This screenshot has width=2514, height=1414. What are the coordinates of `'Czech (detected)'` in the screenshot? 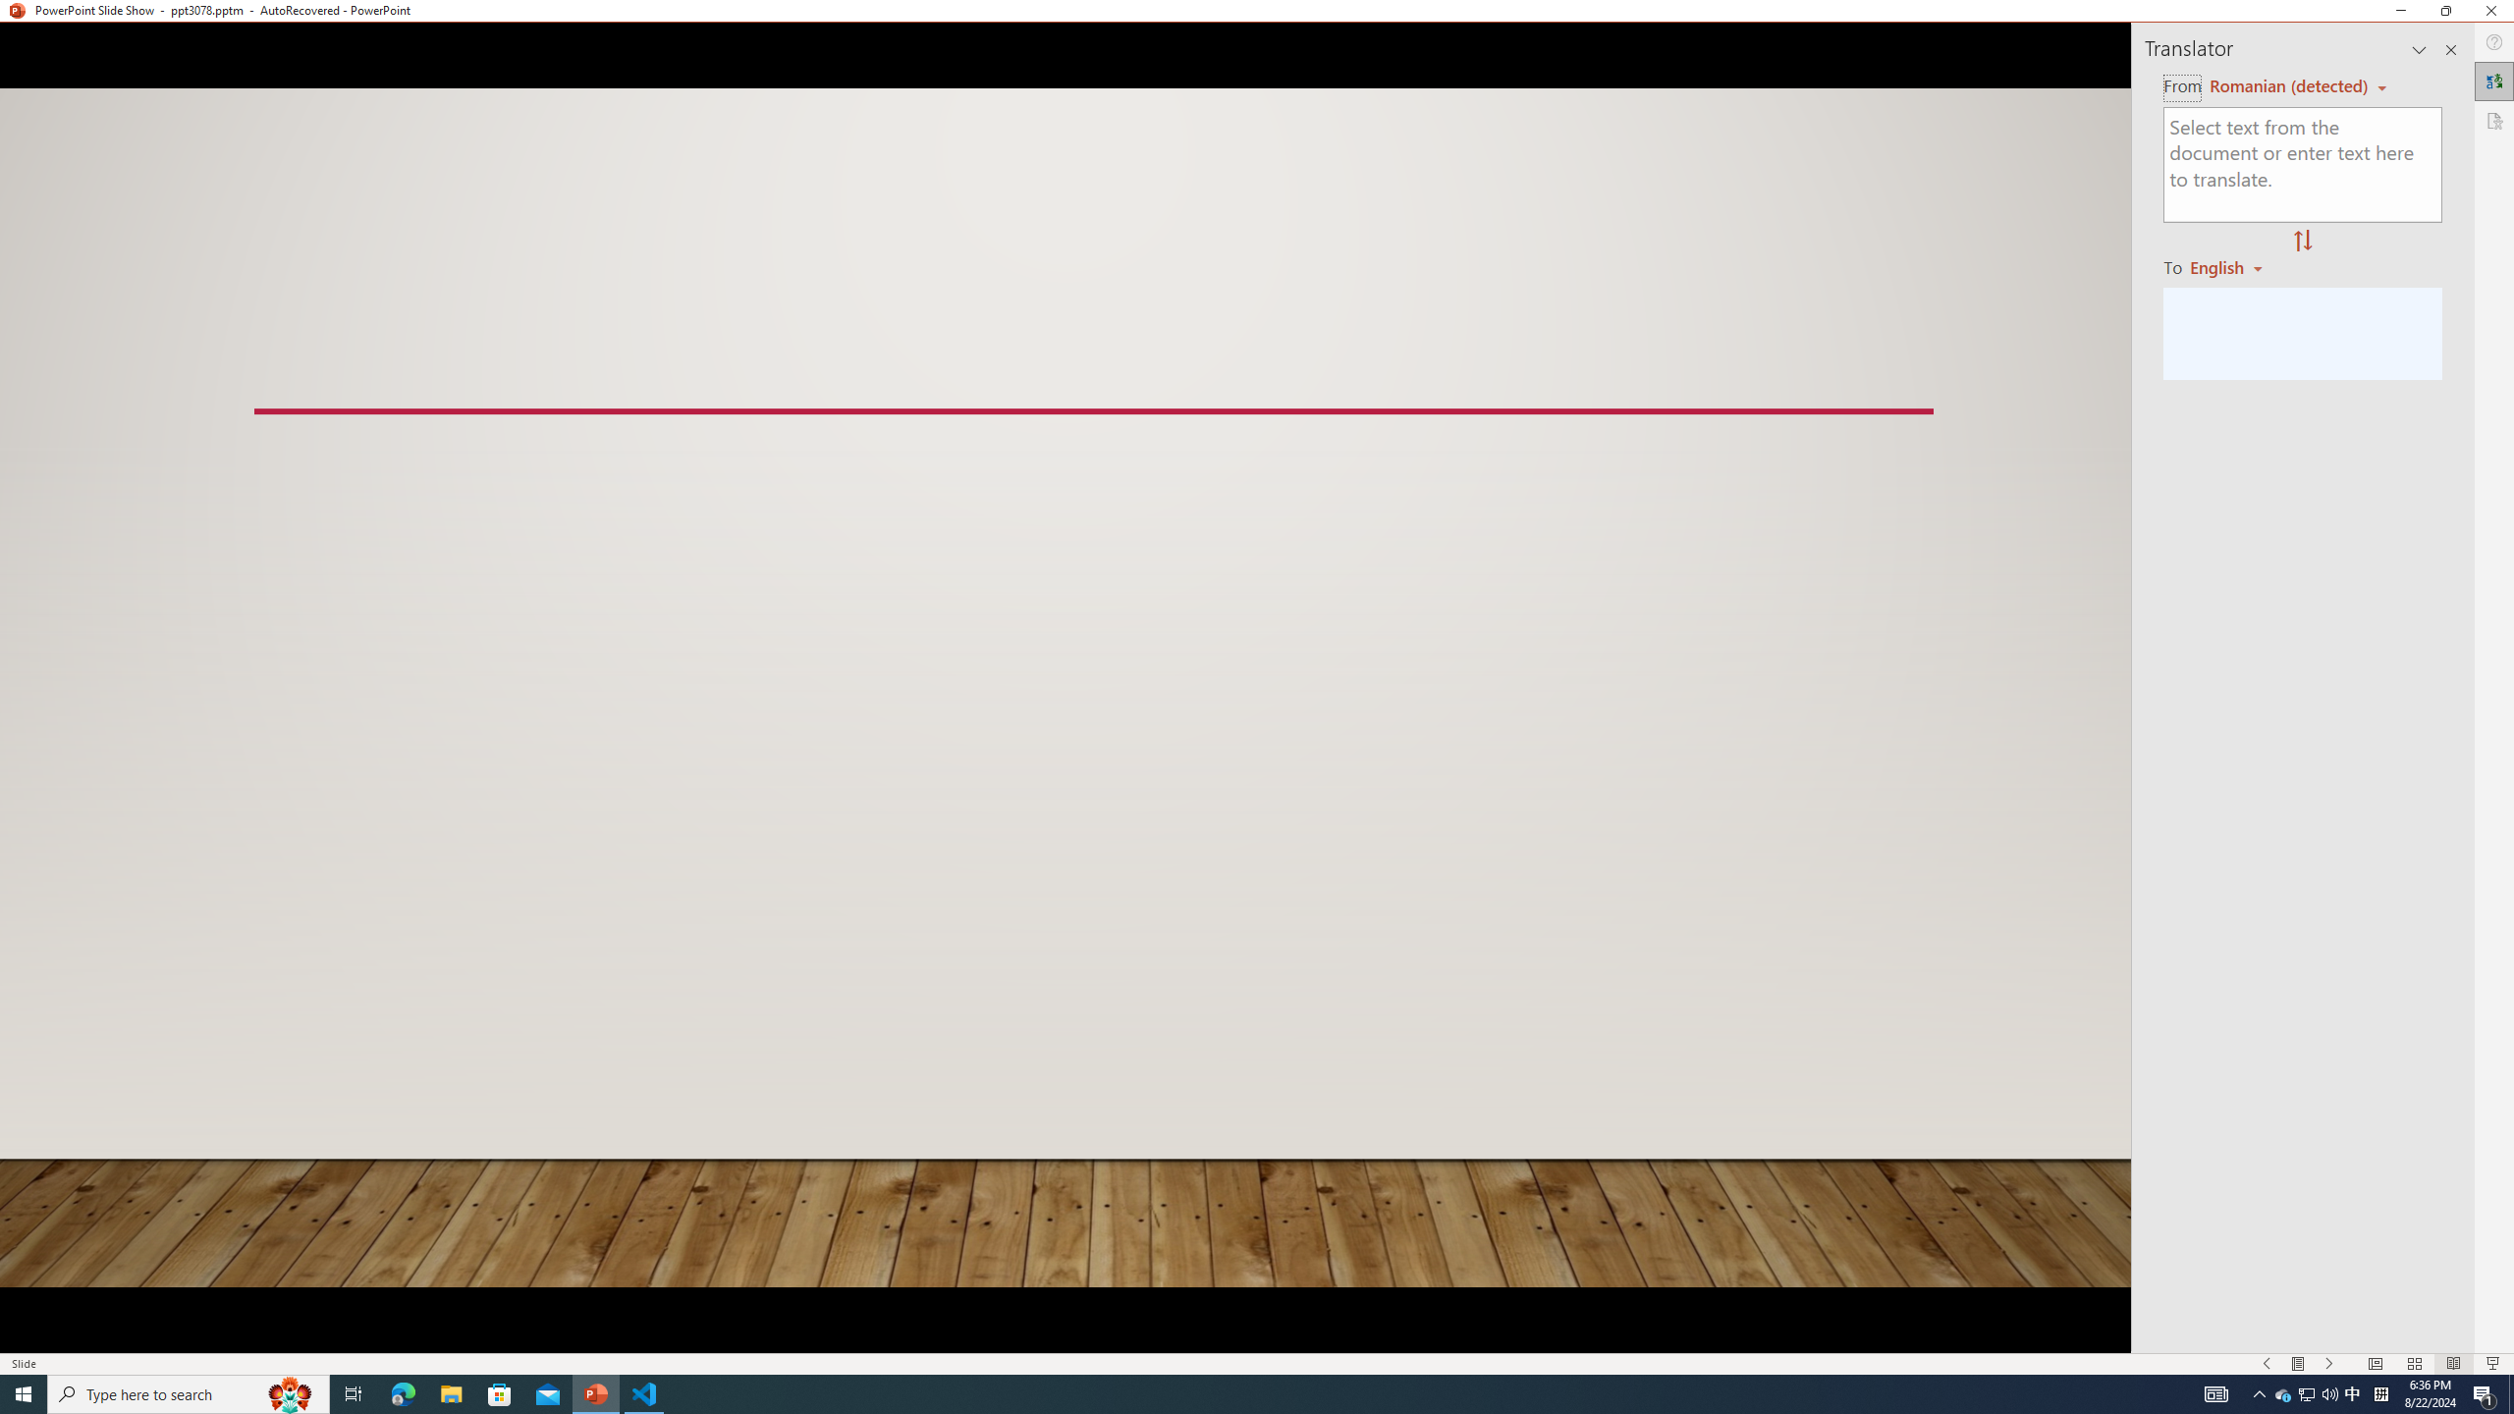 It's located at (2285, 86).